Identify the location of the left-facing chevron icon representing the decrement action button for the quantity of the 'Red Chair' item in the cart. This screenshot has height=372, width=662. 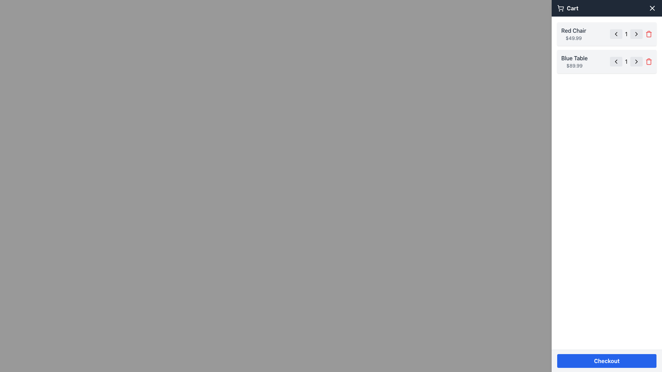
(616, 34).